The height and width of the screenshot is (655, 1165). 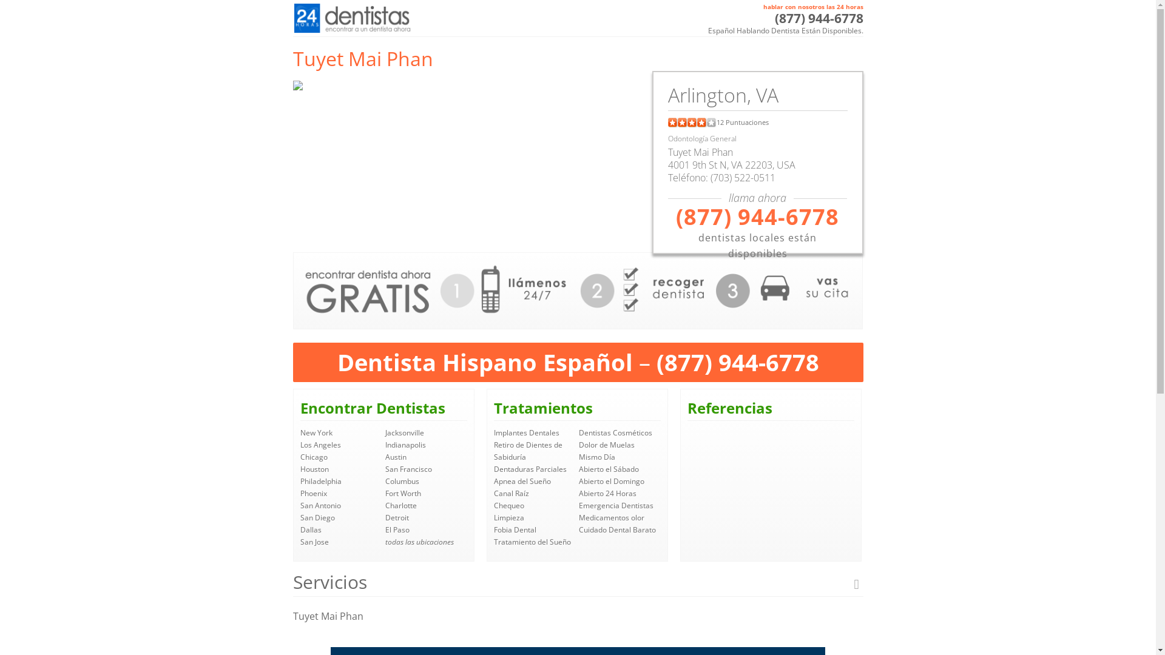 What do you see at coordinates (384, 493) in the screenshot?
I see `'Fort Worth'` at bounding box center [384, 493].